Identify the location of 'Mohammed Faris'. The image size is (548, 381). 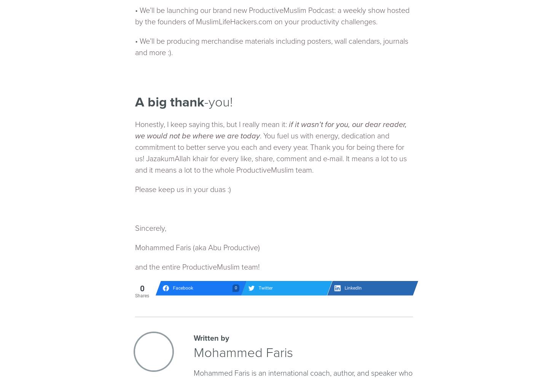
(243, 352).